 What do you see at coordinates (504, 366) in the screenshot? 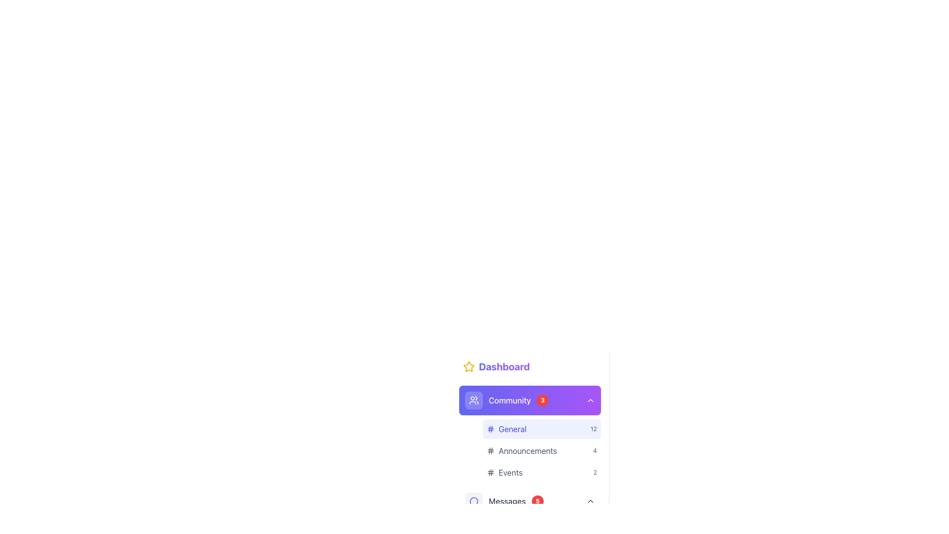
I see `text from the bold and large 'Dashboard' header, which features a gradient color scheme and is located in the top portion of the sidebar, positioned next to a yellow star icon` at bounding box center [504, 366].